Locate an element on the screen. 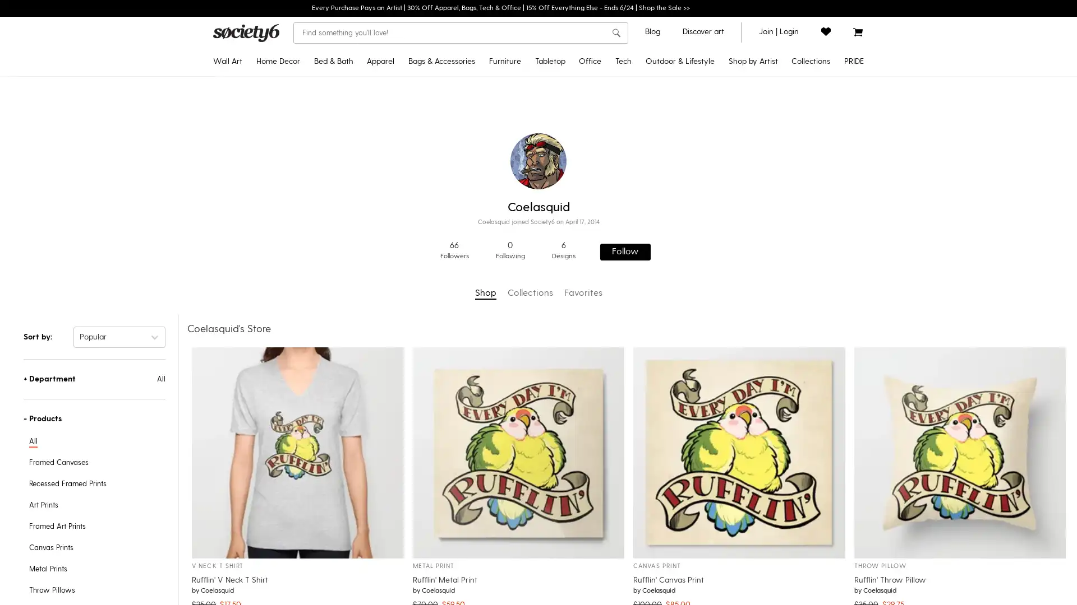 The image size is (1077, 605). Counter Stools is located at coordinates (524, 143).